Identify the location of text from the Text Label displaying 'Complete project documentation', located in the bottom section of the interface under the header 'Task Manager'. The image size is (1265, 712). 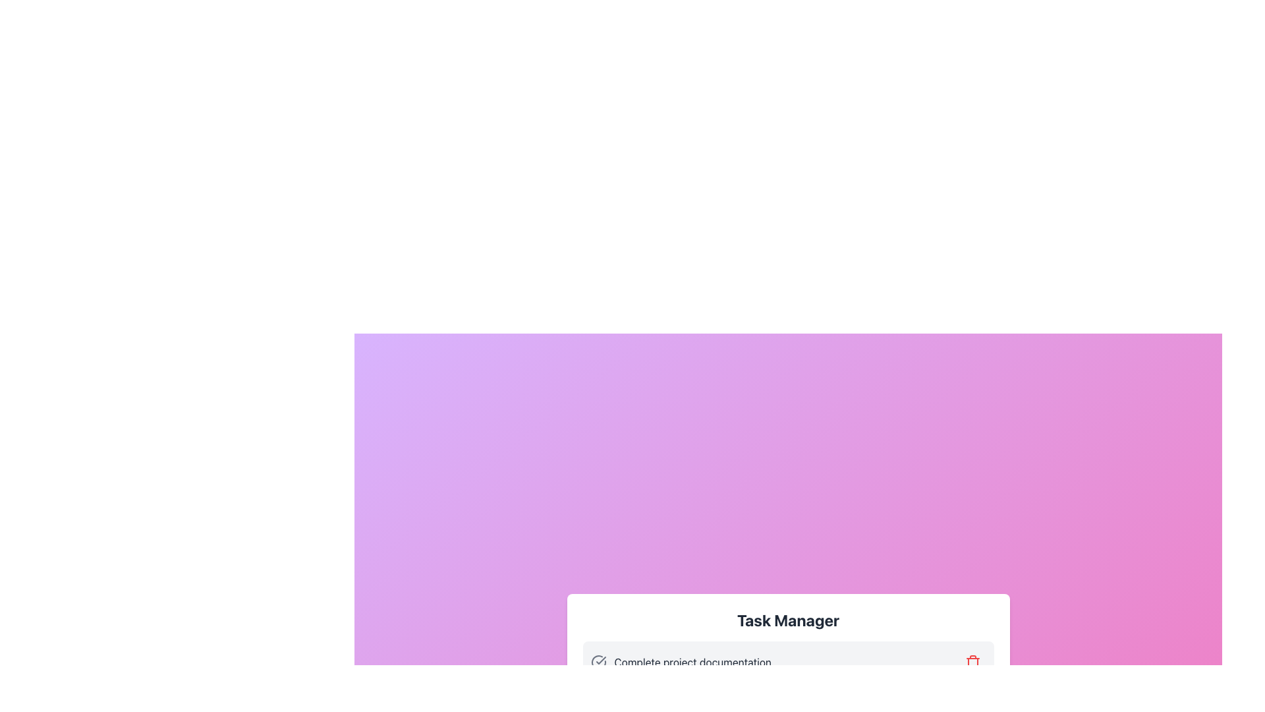
(692, 663).